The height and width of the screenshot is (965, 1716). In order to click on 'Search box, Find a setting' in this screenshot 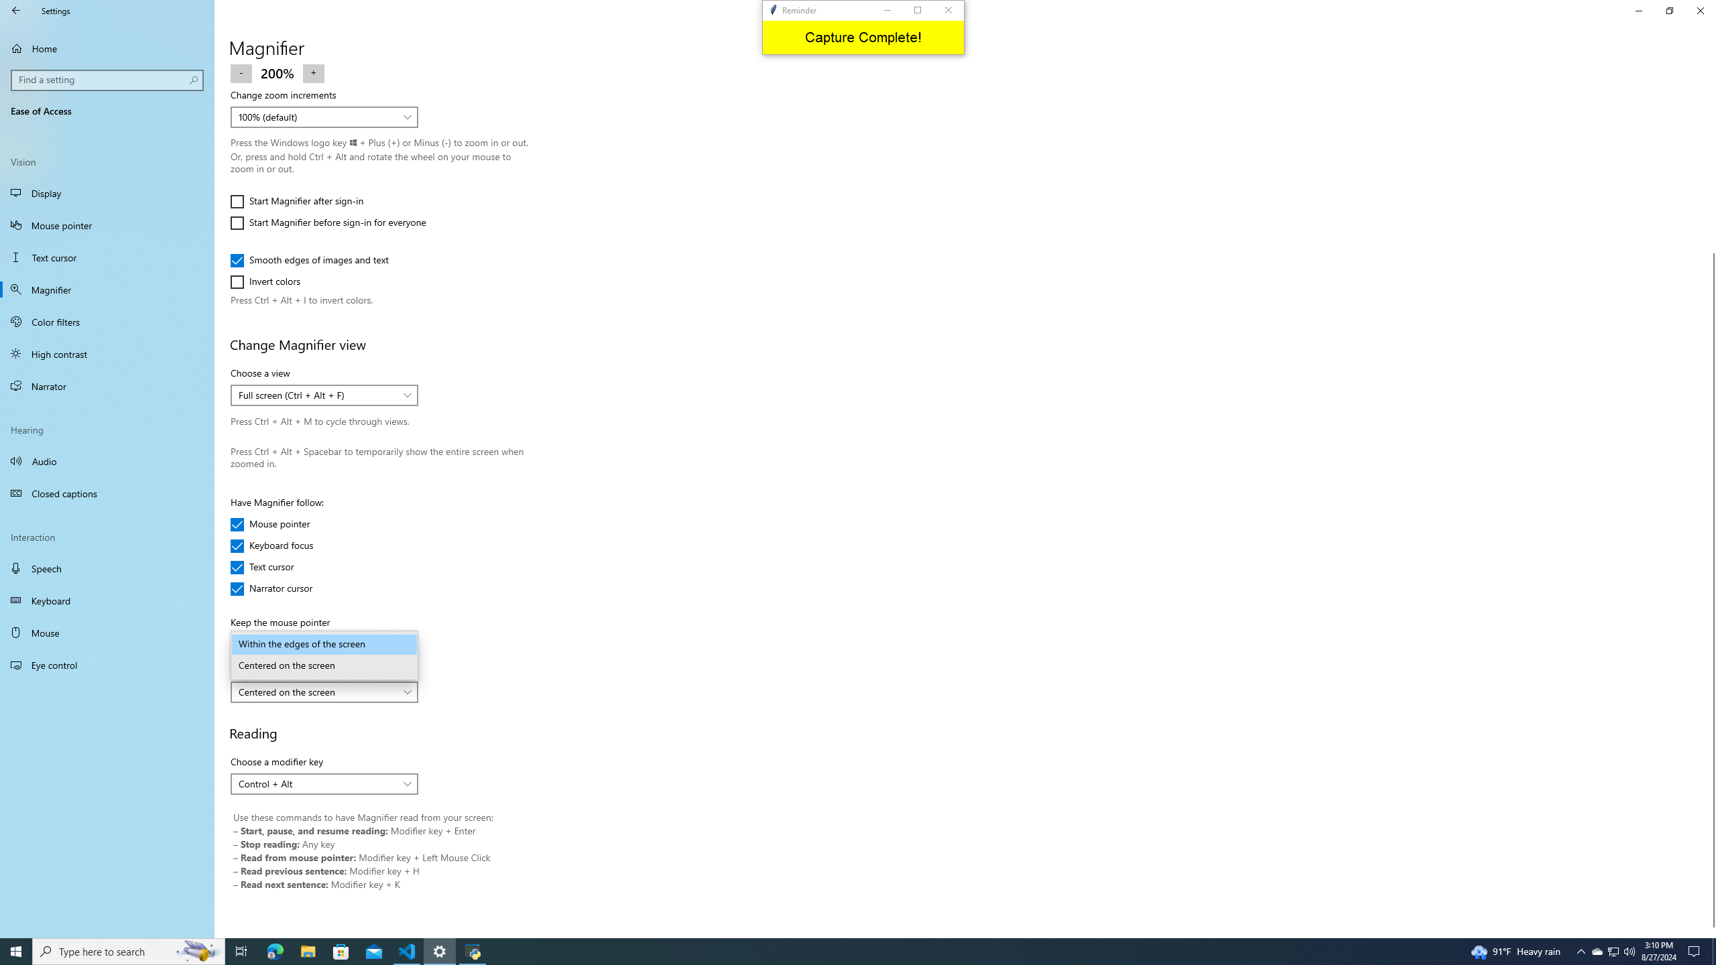, I will do `click(107, 79)`.